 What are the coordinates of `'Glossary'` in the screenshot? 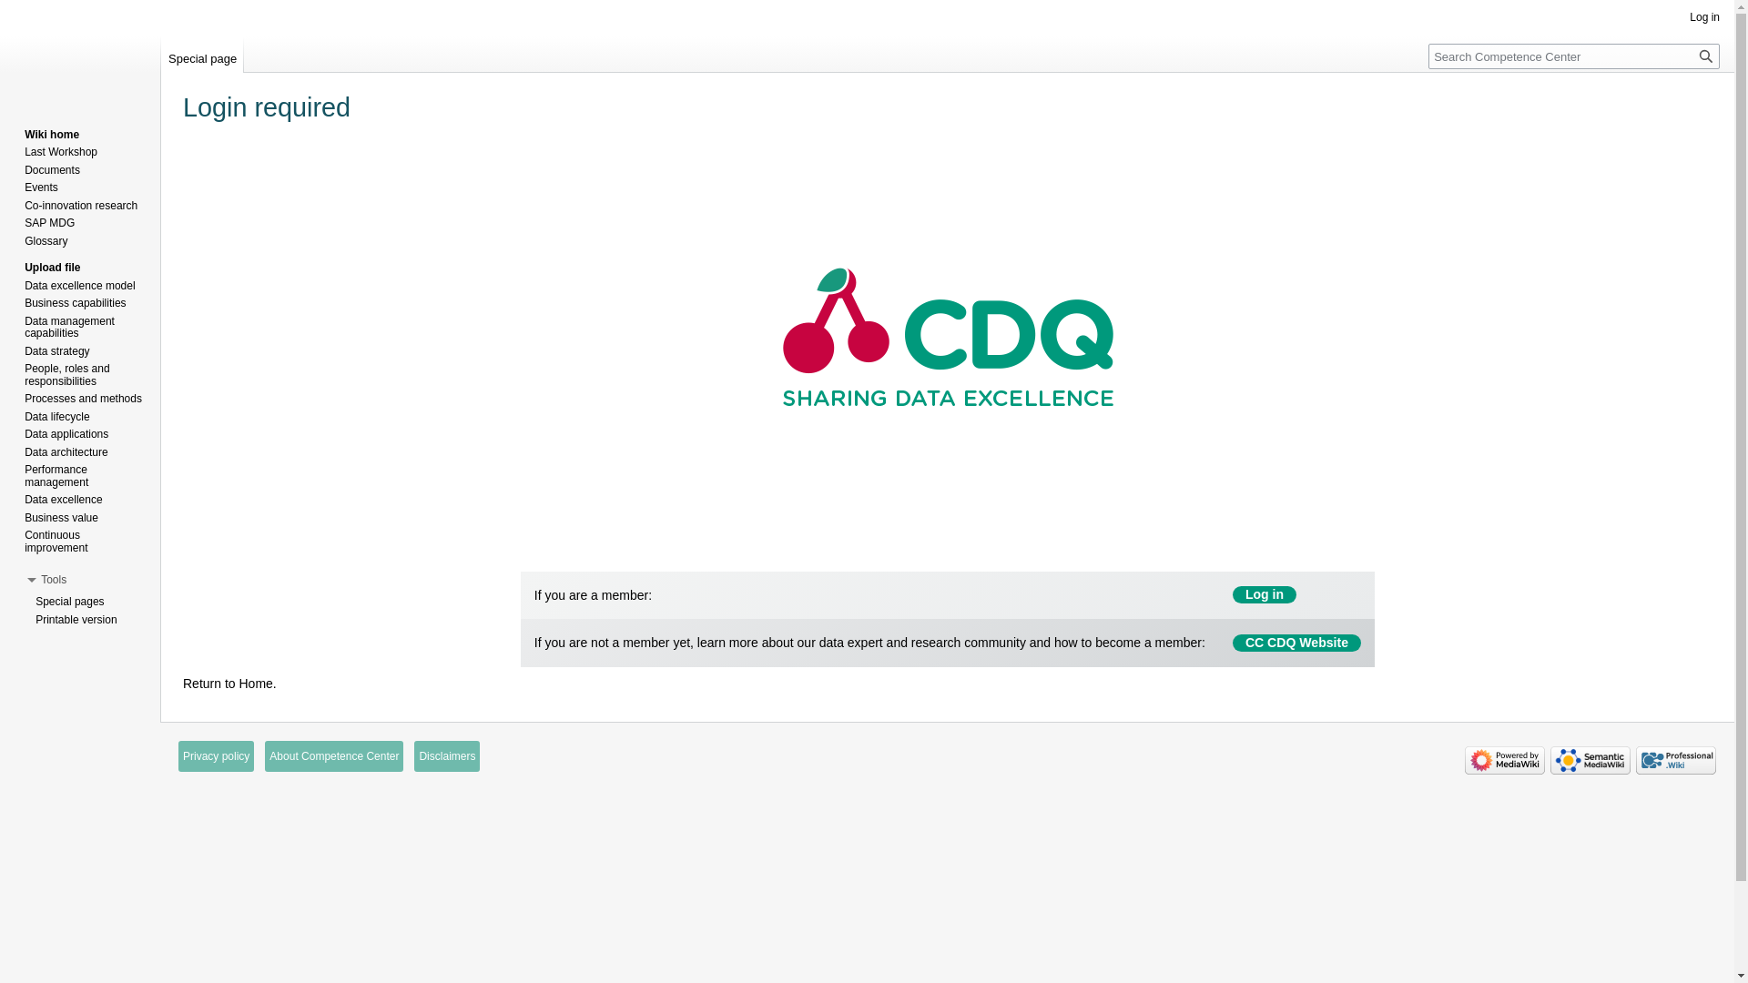 It's located at (46, 240).